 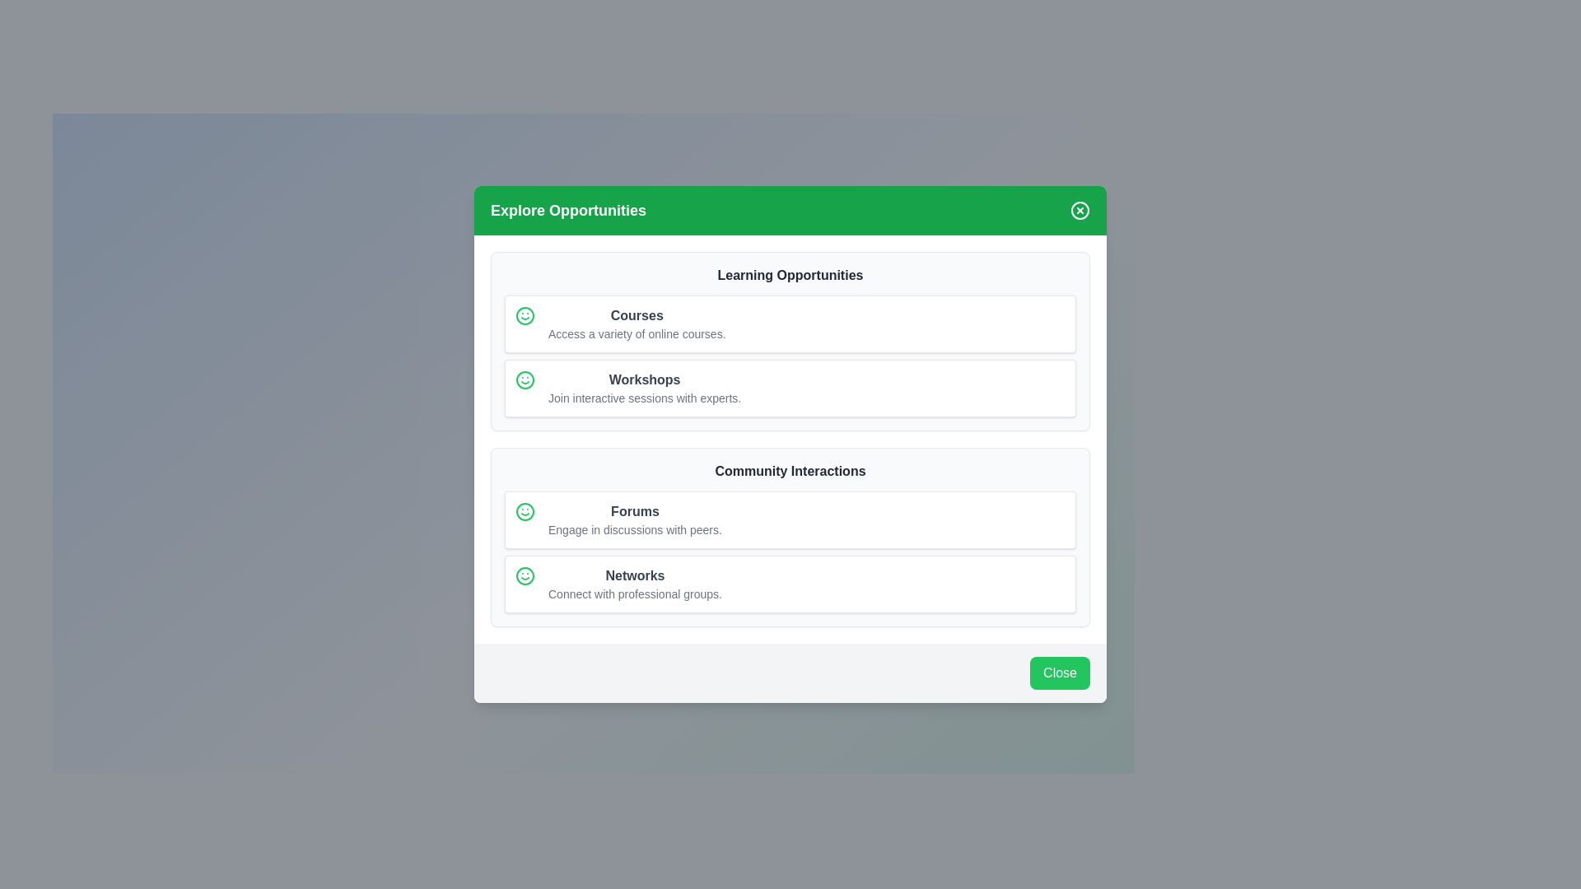 I want to click on the text label indicating 'Workshops', which serves as a title for the section under 'Learning Opportunities', so click(x=644, y=380).